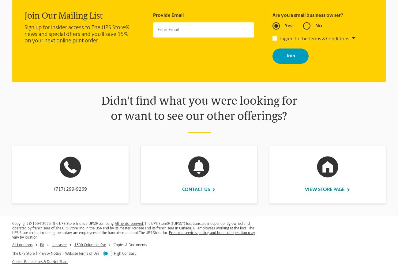 The image size is (398, 270). Describe the element at coordinates (12, 254) in the screenshot. I see `'The UPS Store'` at that location.